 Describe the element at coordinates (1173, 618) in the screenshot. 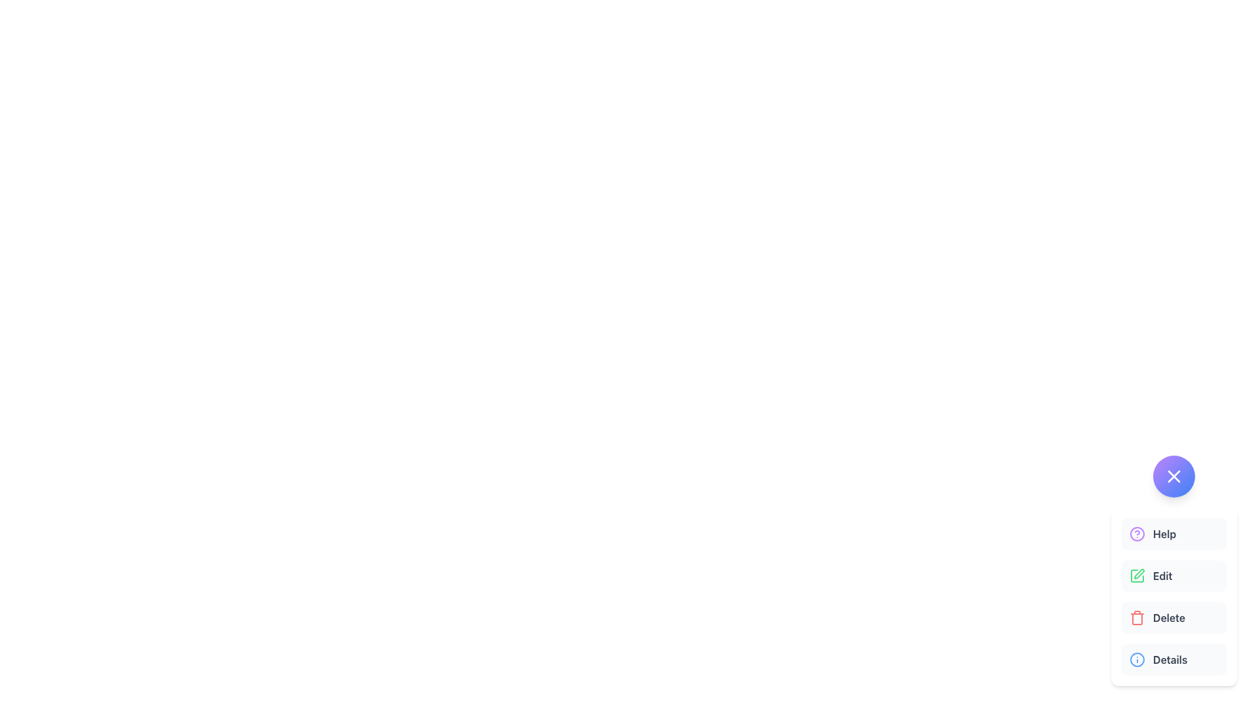

I see `the 'Delete' button in the dropdown menu, which is styled as a list item with a red trash can icon and dark gray text` at that location.